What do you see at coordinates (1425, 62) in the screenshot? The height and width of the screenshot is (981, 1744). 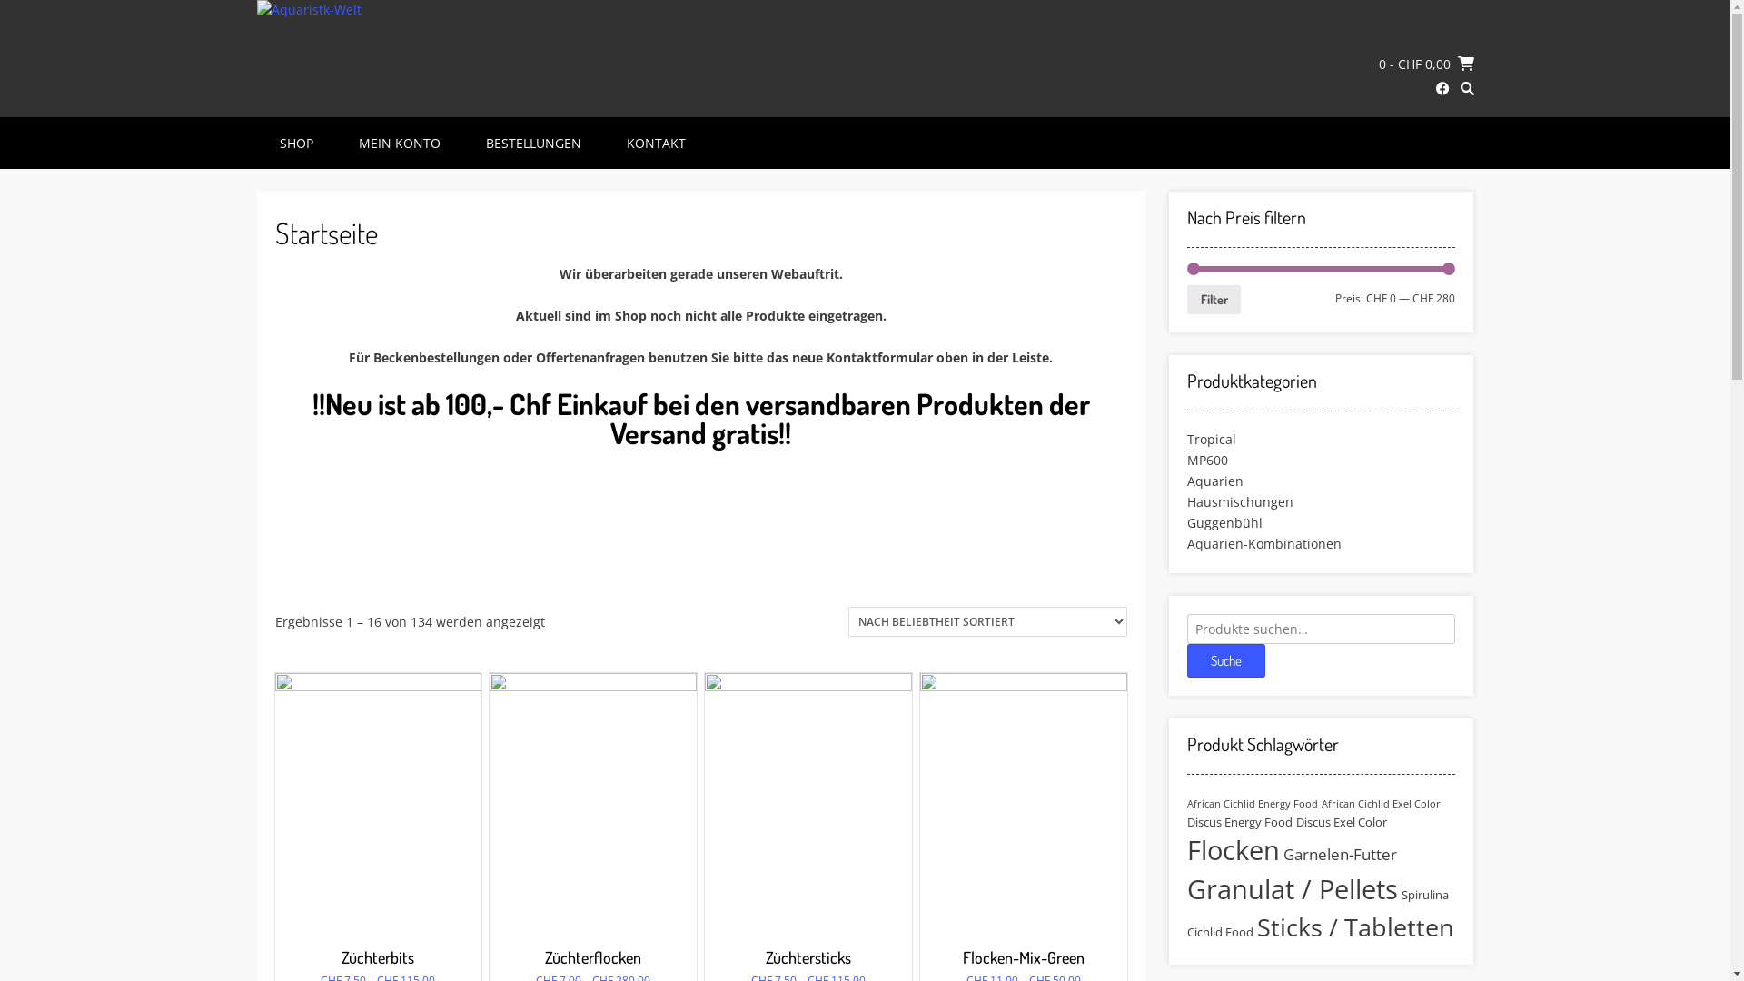 I see `'0 - CHF 0,00'` at bounding box center [1425, 62].